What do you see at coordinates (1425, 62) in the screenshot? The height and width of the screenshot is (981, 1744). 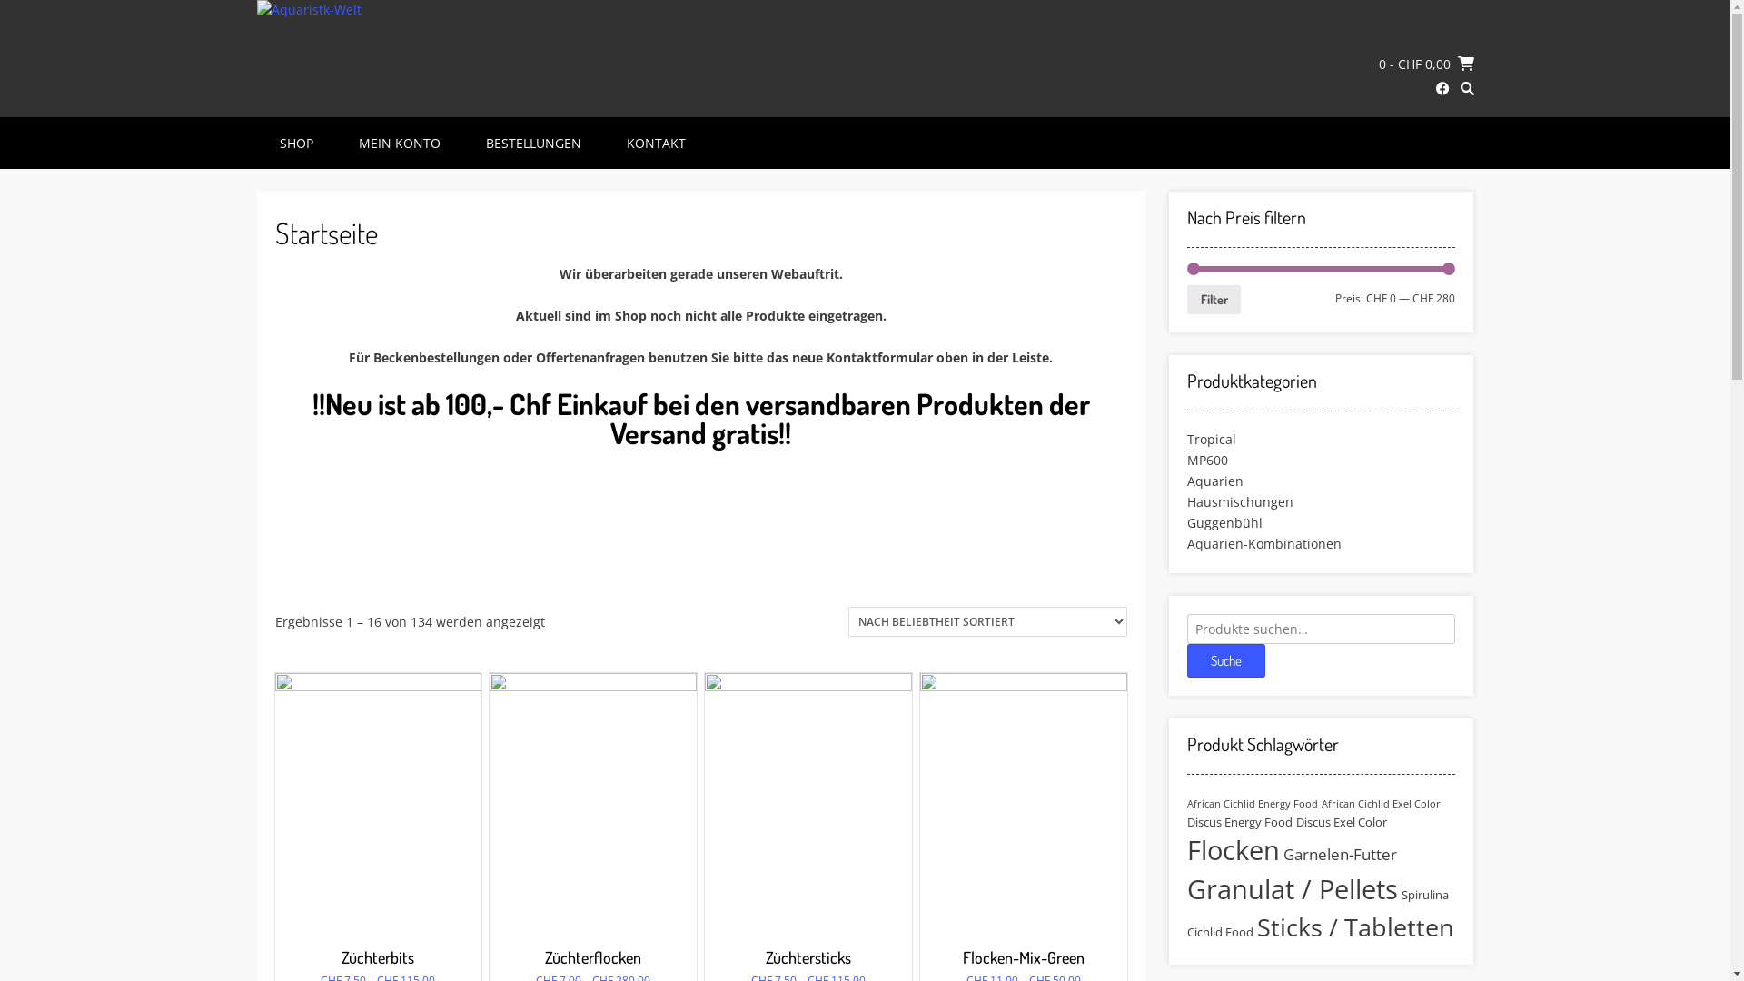 I see `'0 - CHF 0,00'` at bounding box center [1425, 62].